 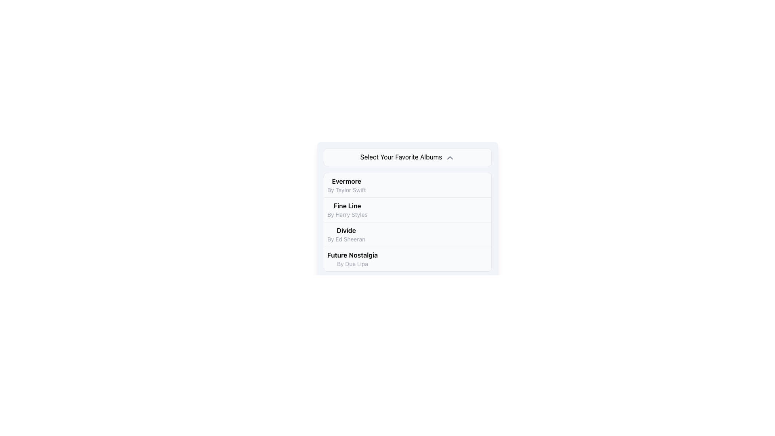 I want to click on the third selectable list item titled 'Divide' by Ed Sheeran, so click(x=407, y=234).